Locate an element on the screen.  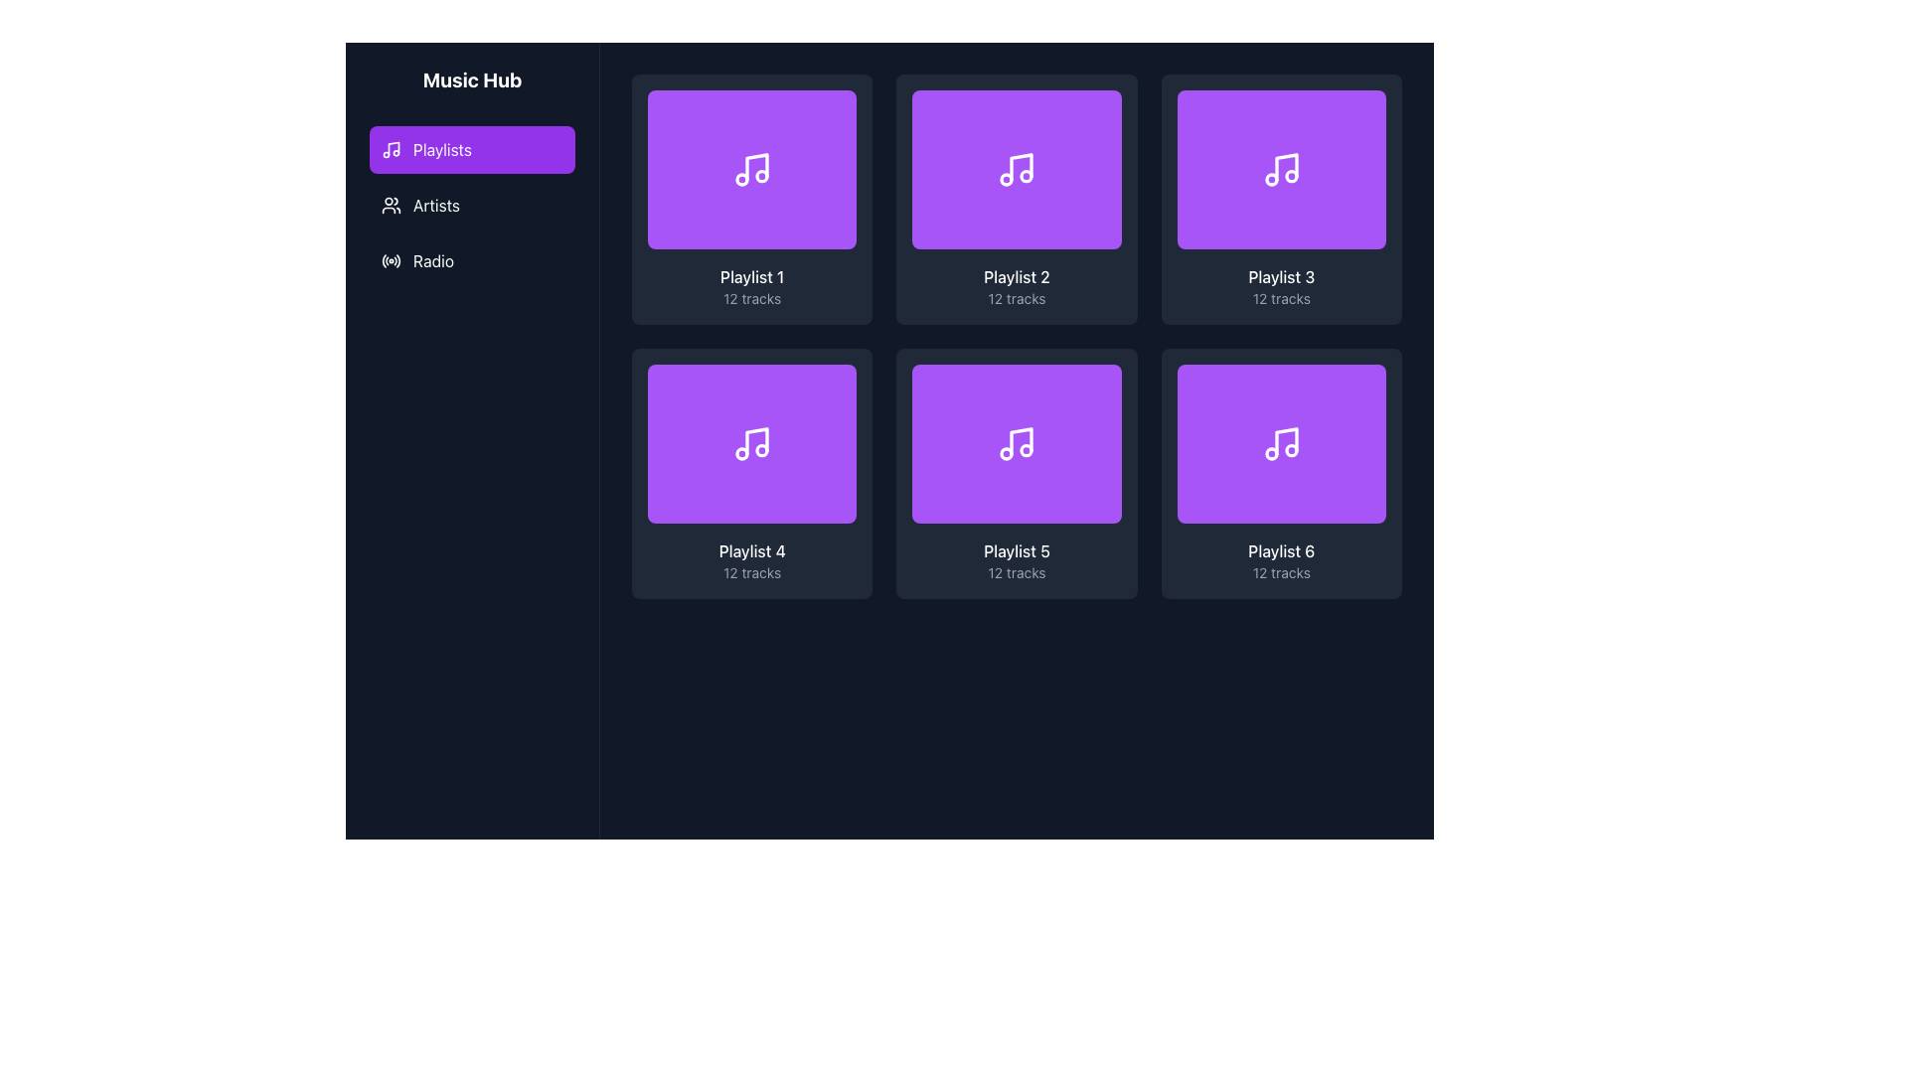
the vertical segment of the musical note icon within the SVG, which is located in the sidebar between the 'Music Hub' label and the 'Artists' option is located at coordinates (394, 147).